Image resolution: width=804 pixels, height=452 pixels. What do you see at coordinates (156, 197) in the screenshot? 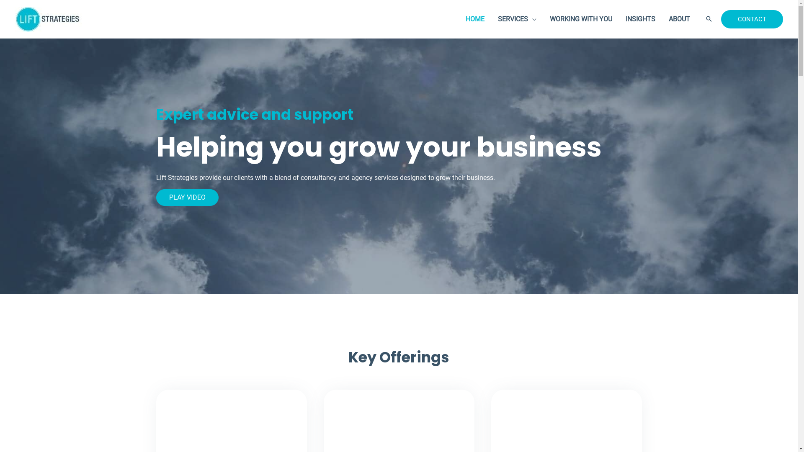
I see `'PLAY VIDEO'` at bounding box center [156, 197].